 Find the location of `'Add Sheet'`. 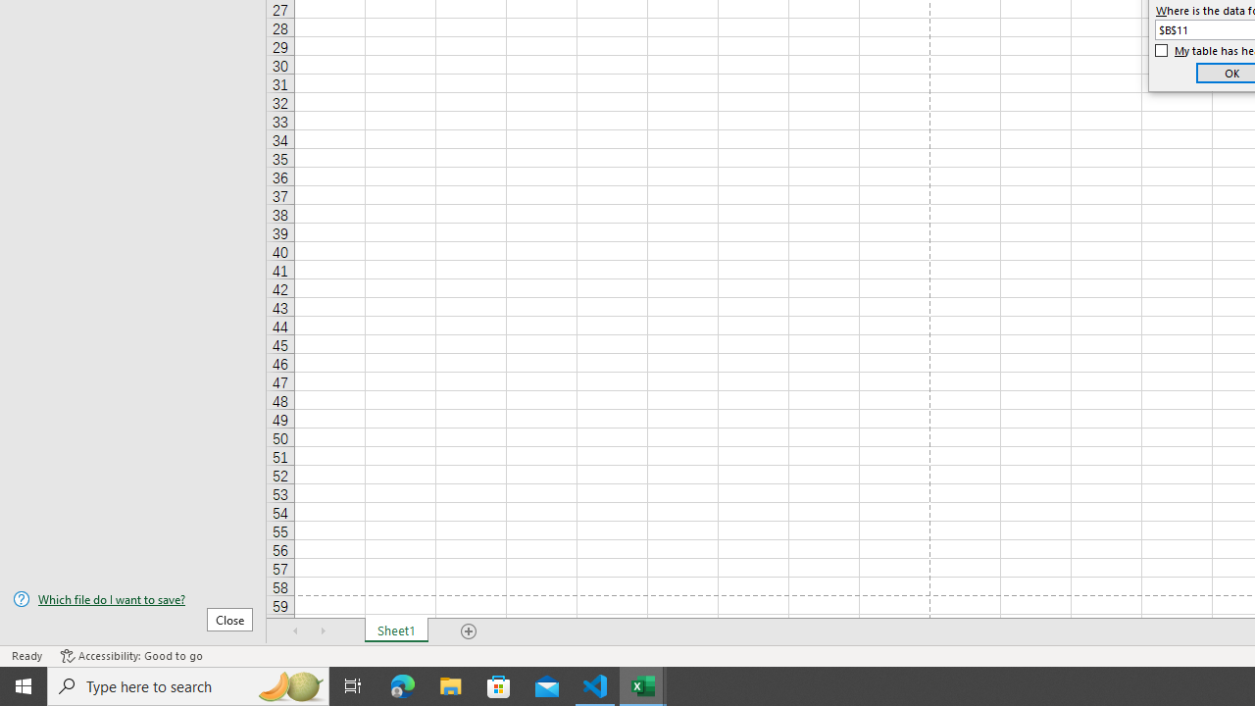

'Add Sheet' is located at coordinates (468, 631).